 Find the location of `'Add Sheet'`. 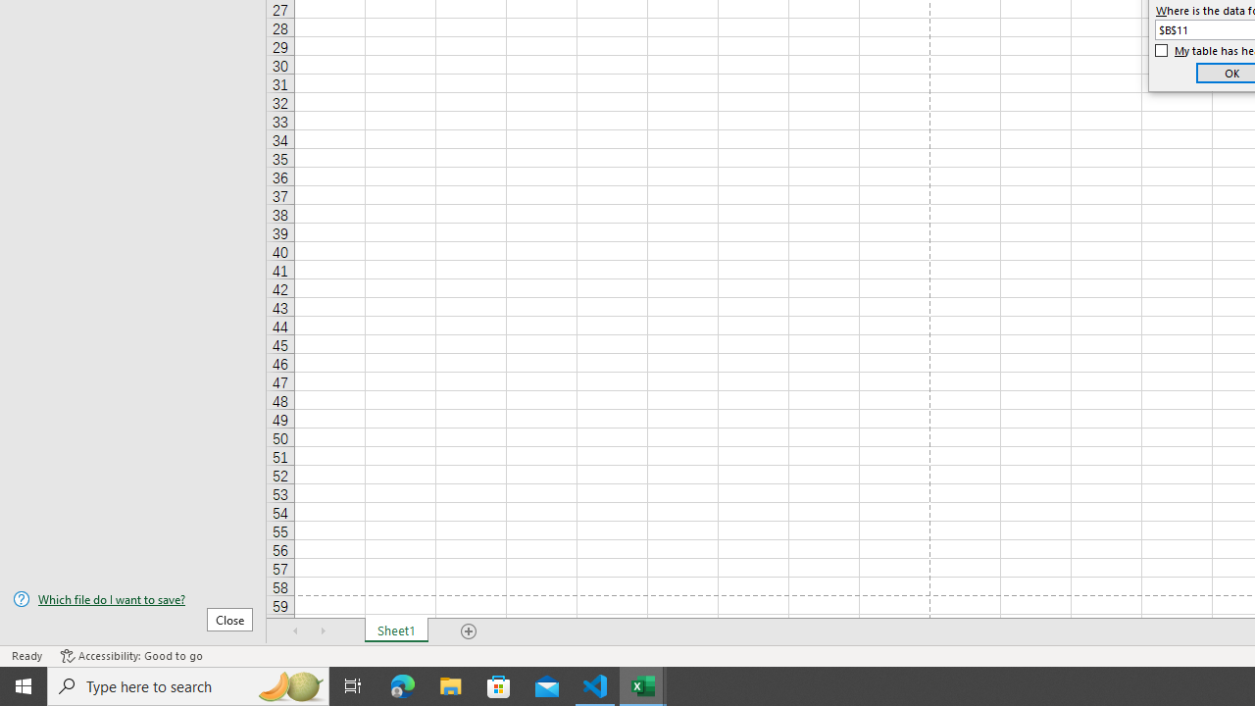

'Add Sheet' is located at coordinates (468, 631).